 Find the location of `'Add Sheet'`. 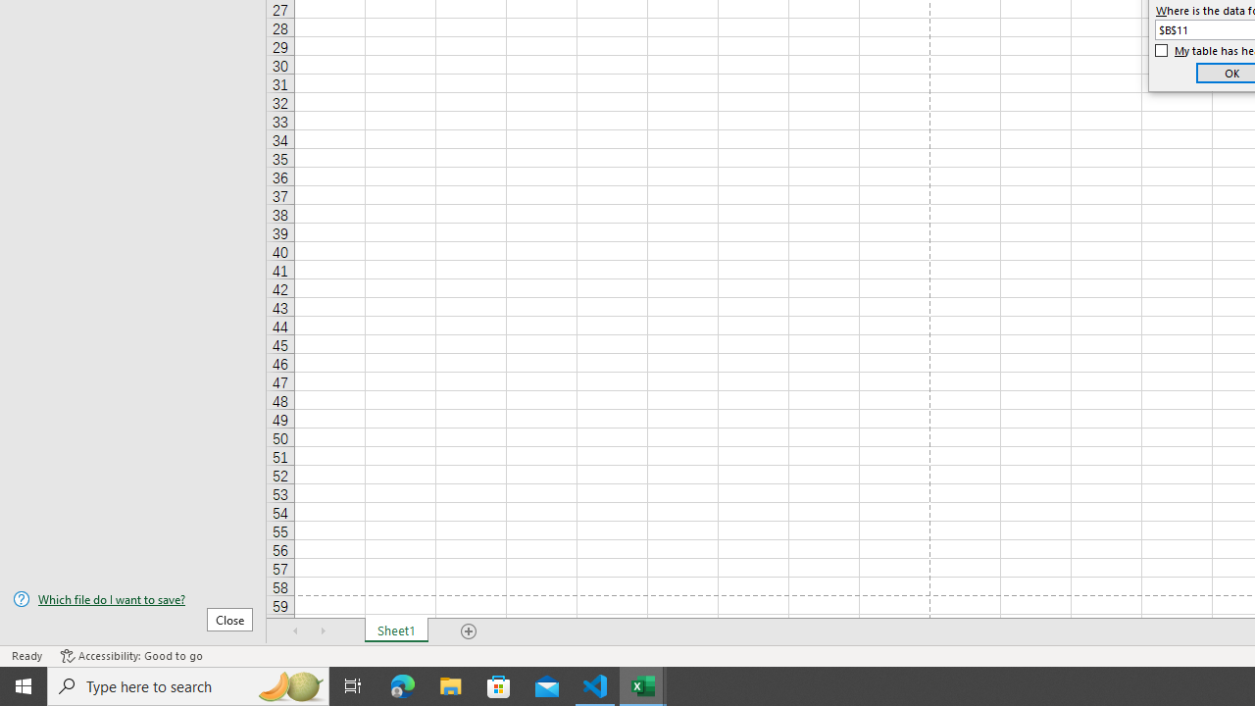

'Add Sheet' is located at coordinates (468, 631).